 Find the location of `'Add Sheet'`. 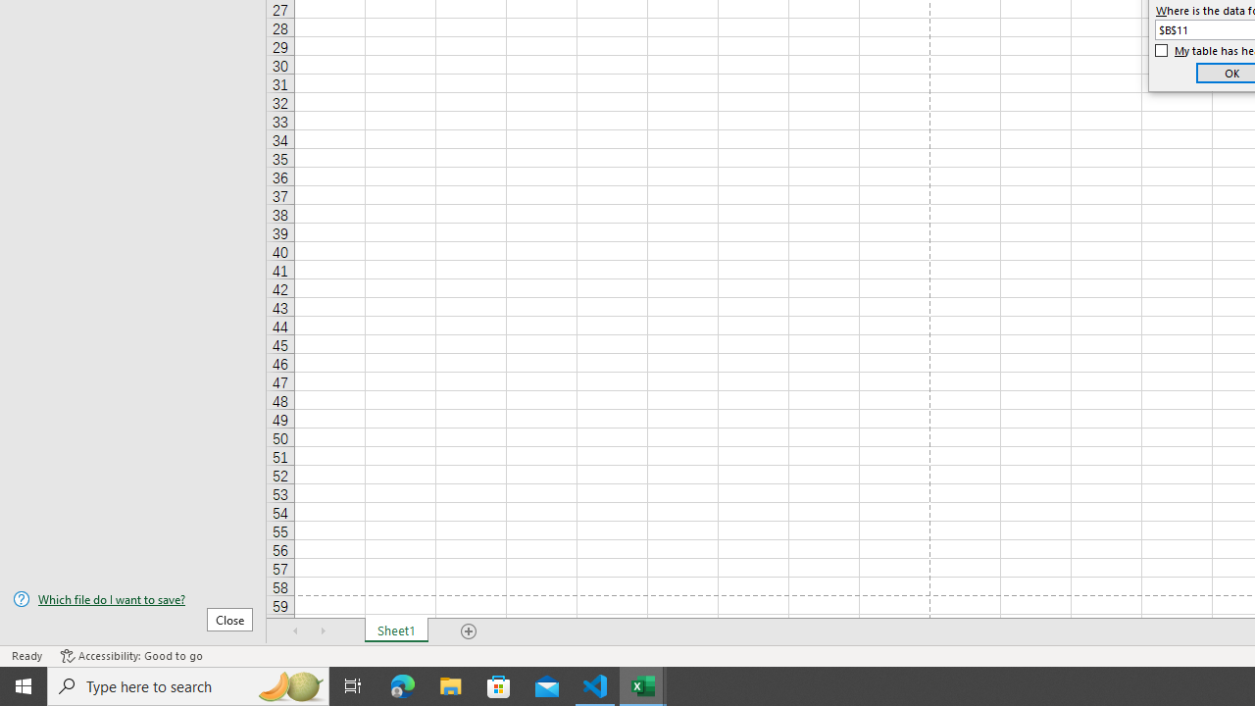

'Add Sheet' is located at coordinates (468, 631).